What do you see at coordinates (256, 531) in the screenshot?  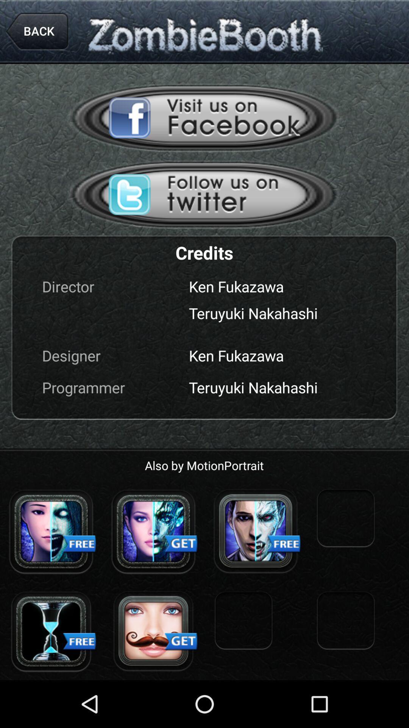 I see `mode` at bounding box center [256, 531].